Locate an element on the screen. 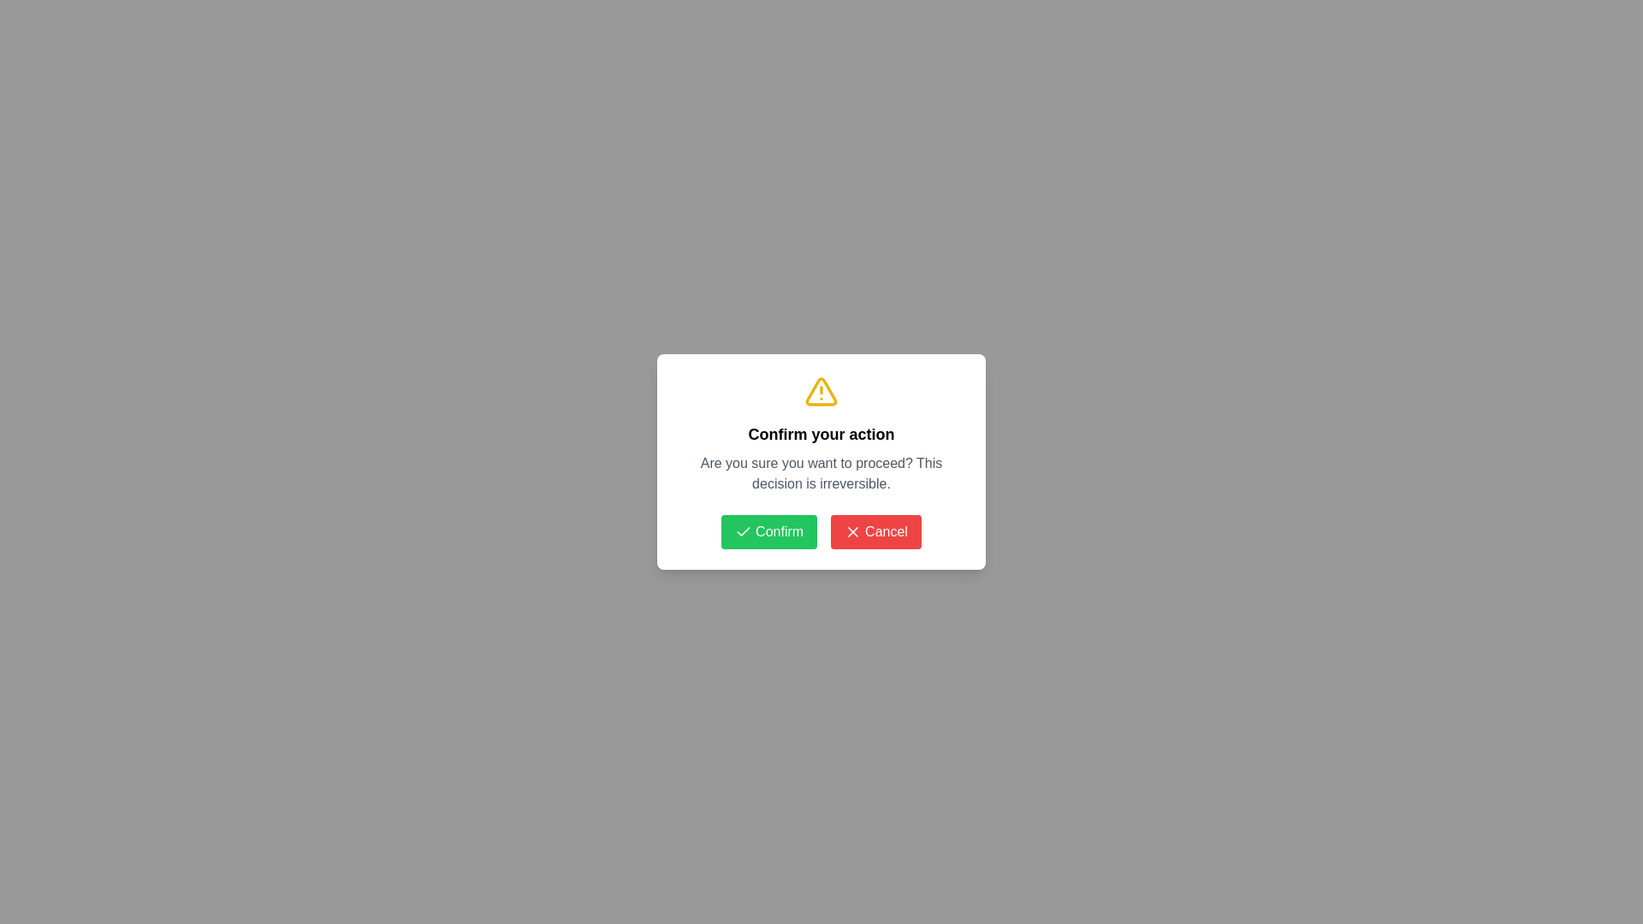  the red rectangular button labeled 'Cancel' is located at coordinates (875, 530).